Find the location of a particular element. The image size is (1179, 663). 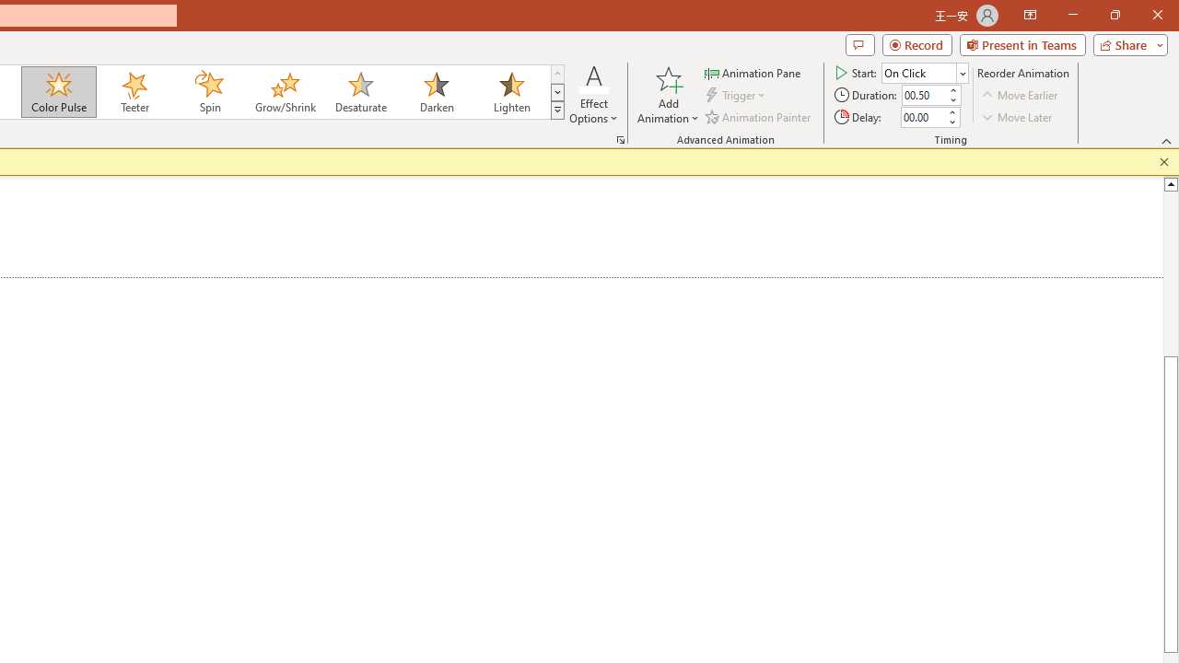

'More' is located at coordinates (951, 111).